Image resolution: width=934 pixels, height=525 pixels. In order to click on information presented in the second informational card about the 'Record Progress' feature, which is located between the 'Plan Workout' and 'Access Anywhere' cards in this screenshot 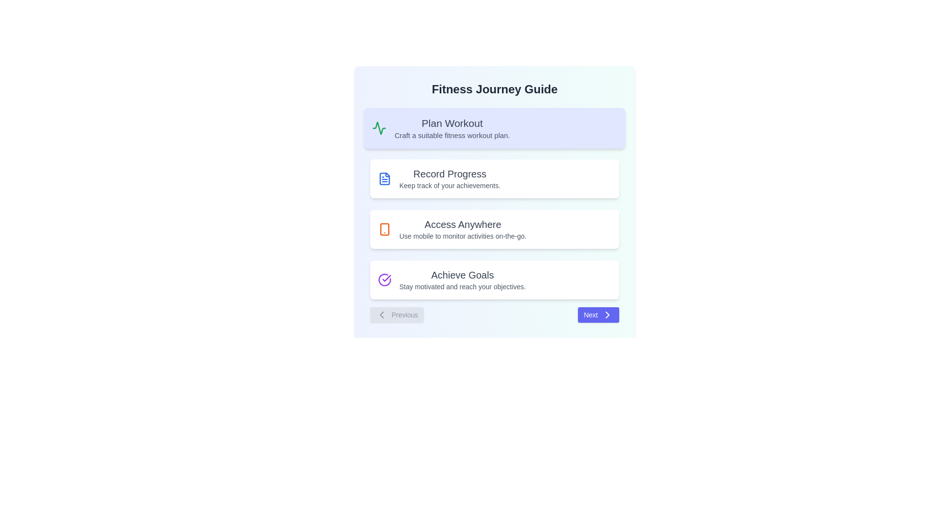, I will do `click(495, 178)`.